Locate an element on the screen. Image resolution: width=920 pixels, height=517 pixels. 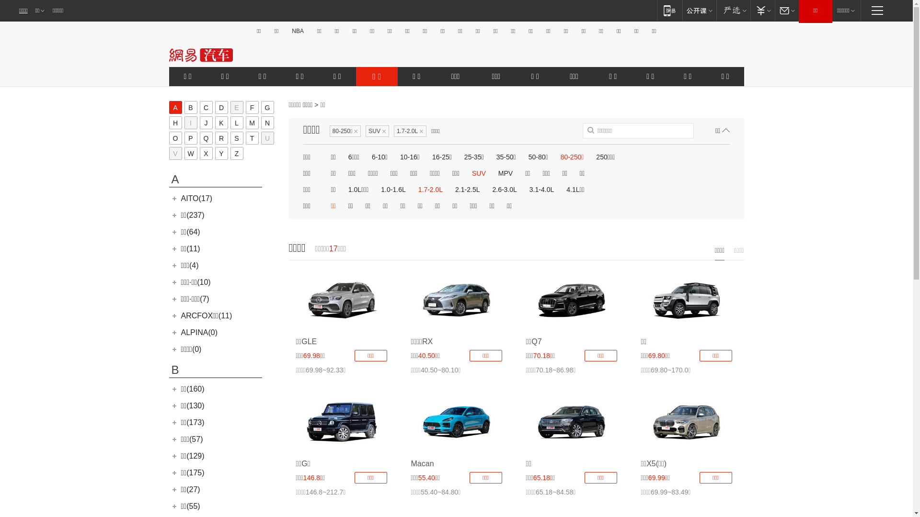
'G' is located at coordinates (267, 107).